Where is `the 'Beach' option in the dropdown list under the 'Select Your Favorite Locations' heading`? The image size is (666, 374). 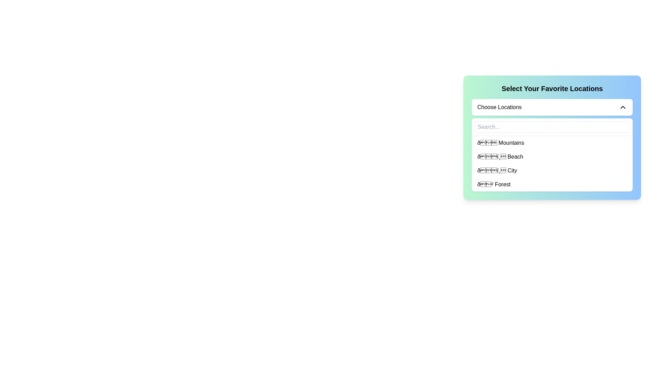
the 'Beach' option in the dropdown list under the 'Select Your Favorite Locations' heading is located at coordinates (500, 157).